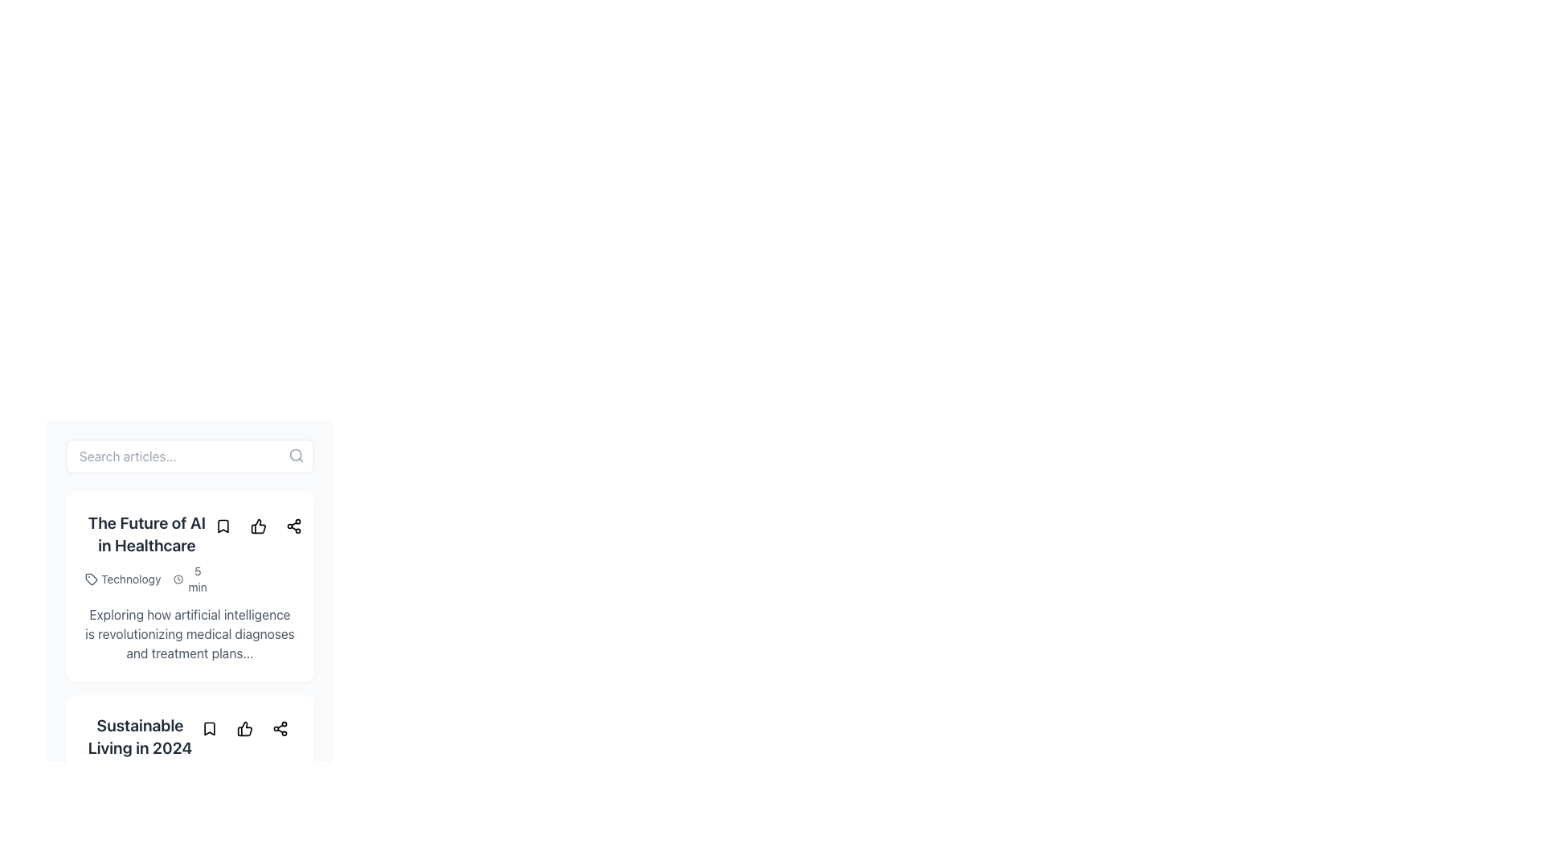  I want to click on the 'like' icon button located between the bookmark icon and the share icon at the bottom of the card titled 'The Future of AI in Healthcare' to express approval for the content, so click(258, 526).